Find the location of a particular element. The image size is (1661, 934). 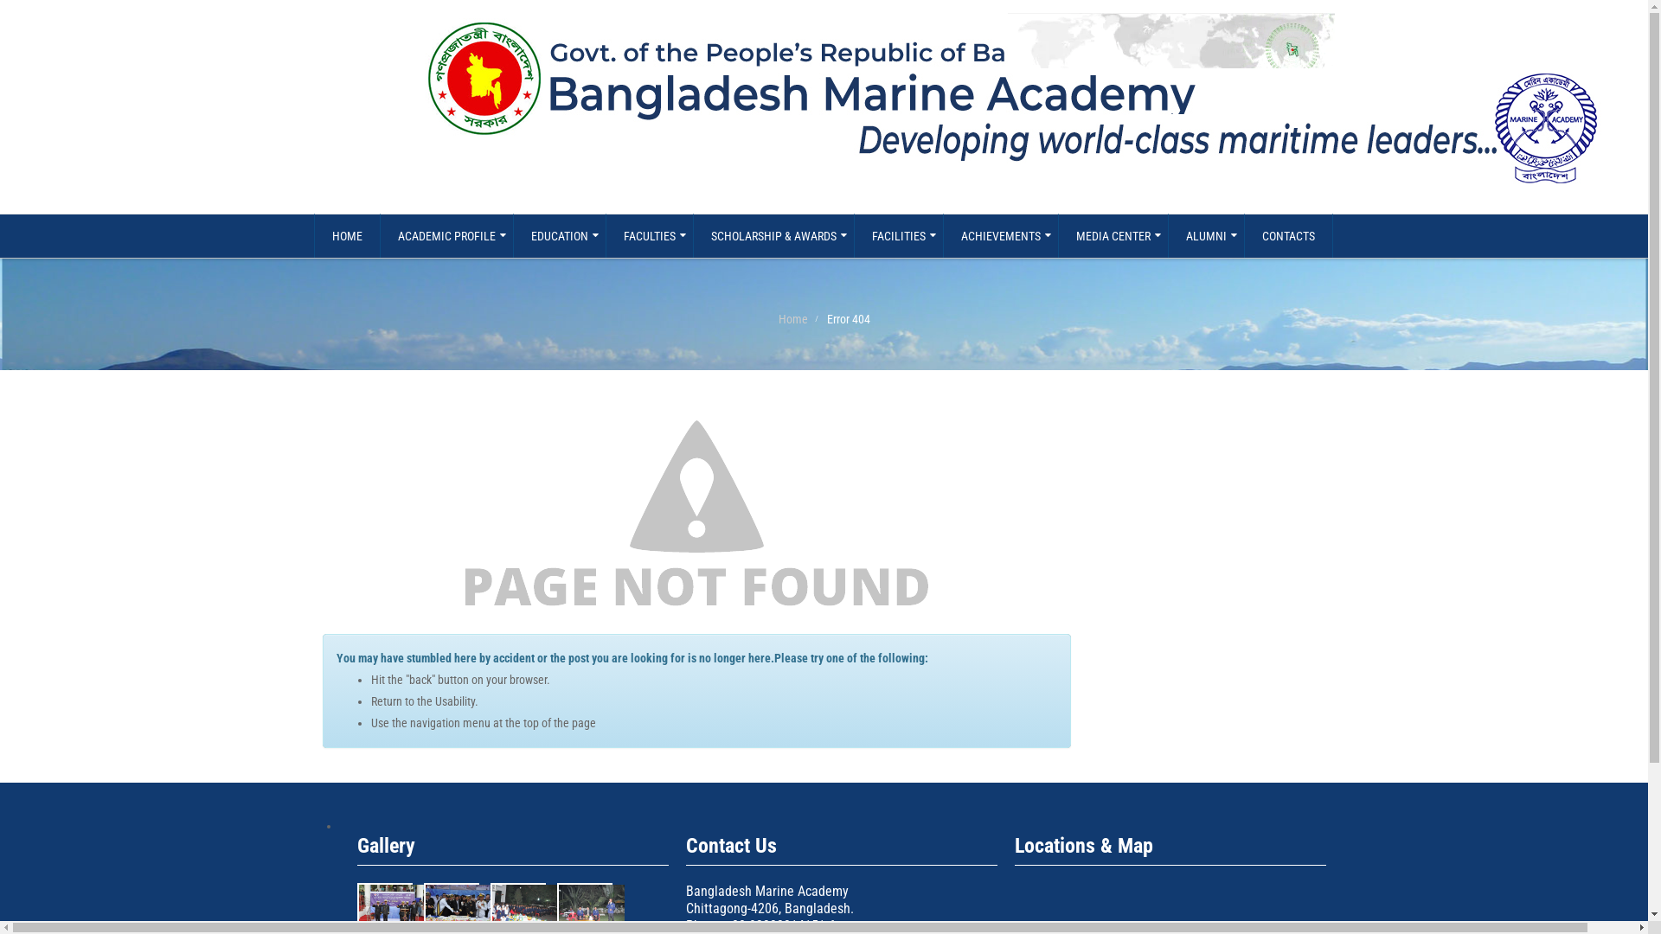

'HOME' is located at coordinates (346, 236).